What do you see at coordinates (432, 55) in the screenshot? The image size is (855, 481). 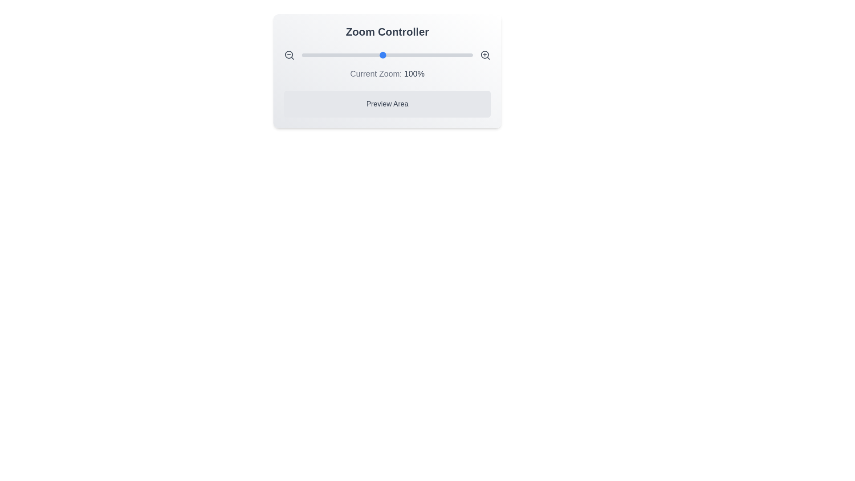 I see `the zoom slider to set the zoom level to 154` at bounding box center [432, 55].